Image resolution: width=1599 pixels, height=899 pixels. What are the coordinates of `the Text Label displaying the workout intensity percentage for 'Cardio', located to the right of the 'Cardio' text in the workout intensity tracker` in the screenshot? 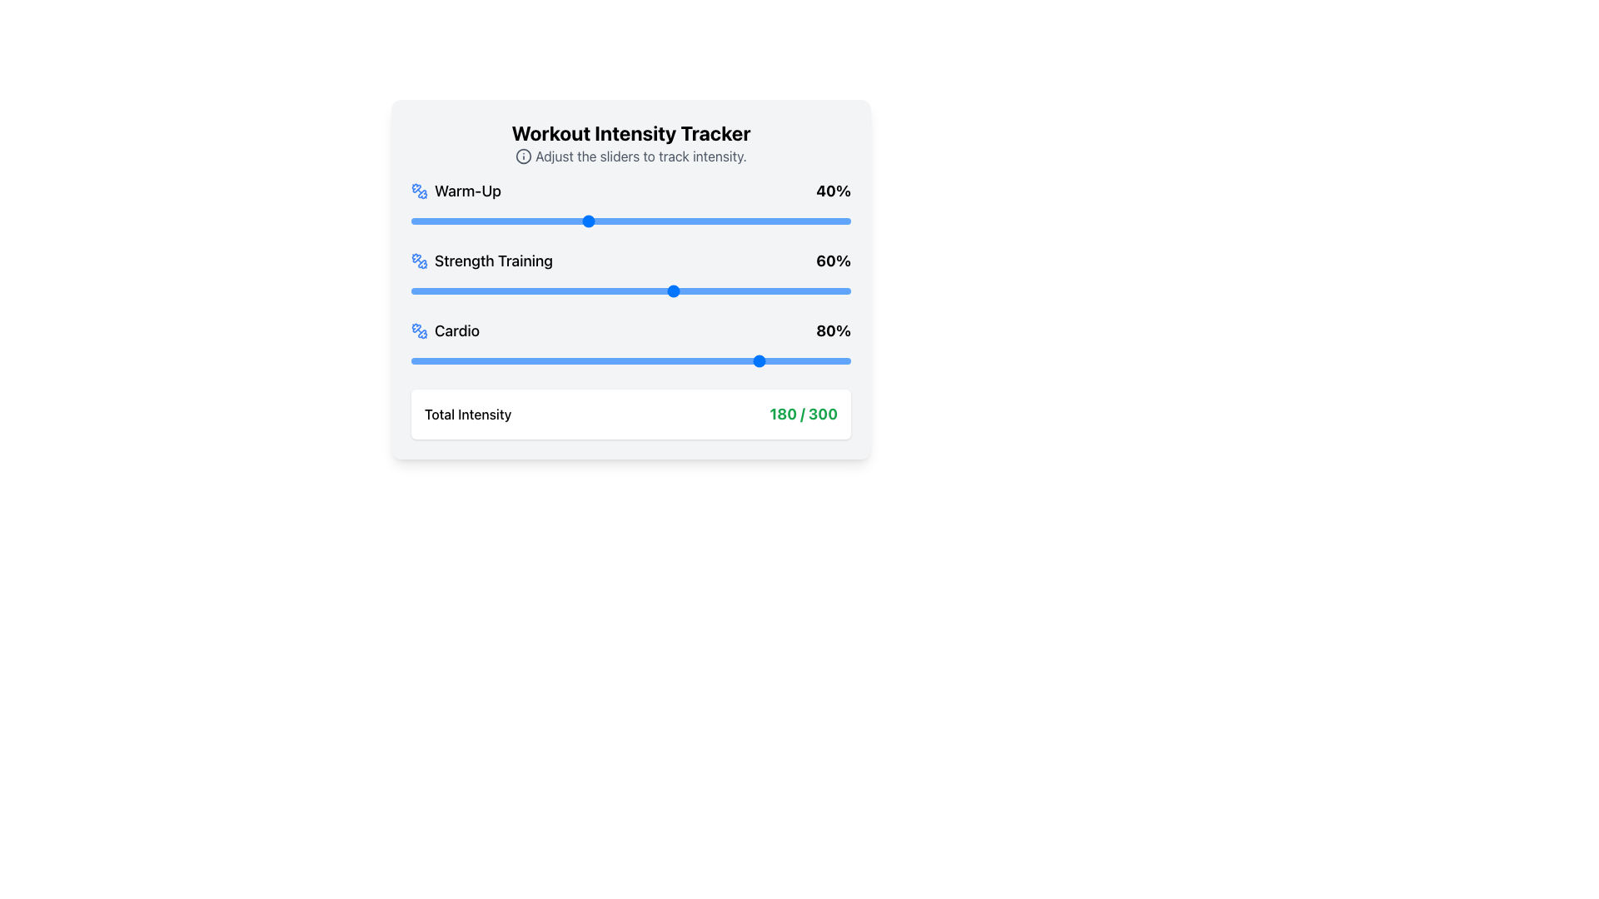 It's located at (834, 330).